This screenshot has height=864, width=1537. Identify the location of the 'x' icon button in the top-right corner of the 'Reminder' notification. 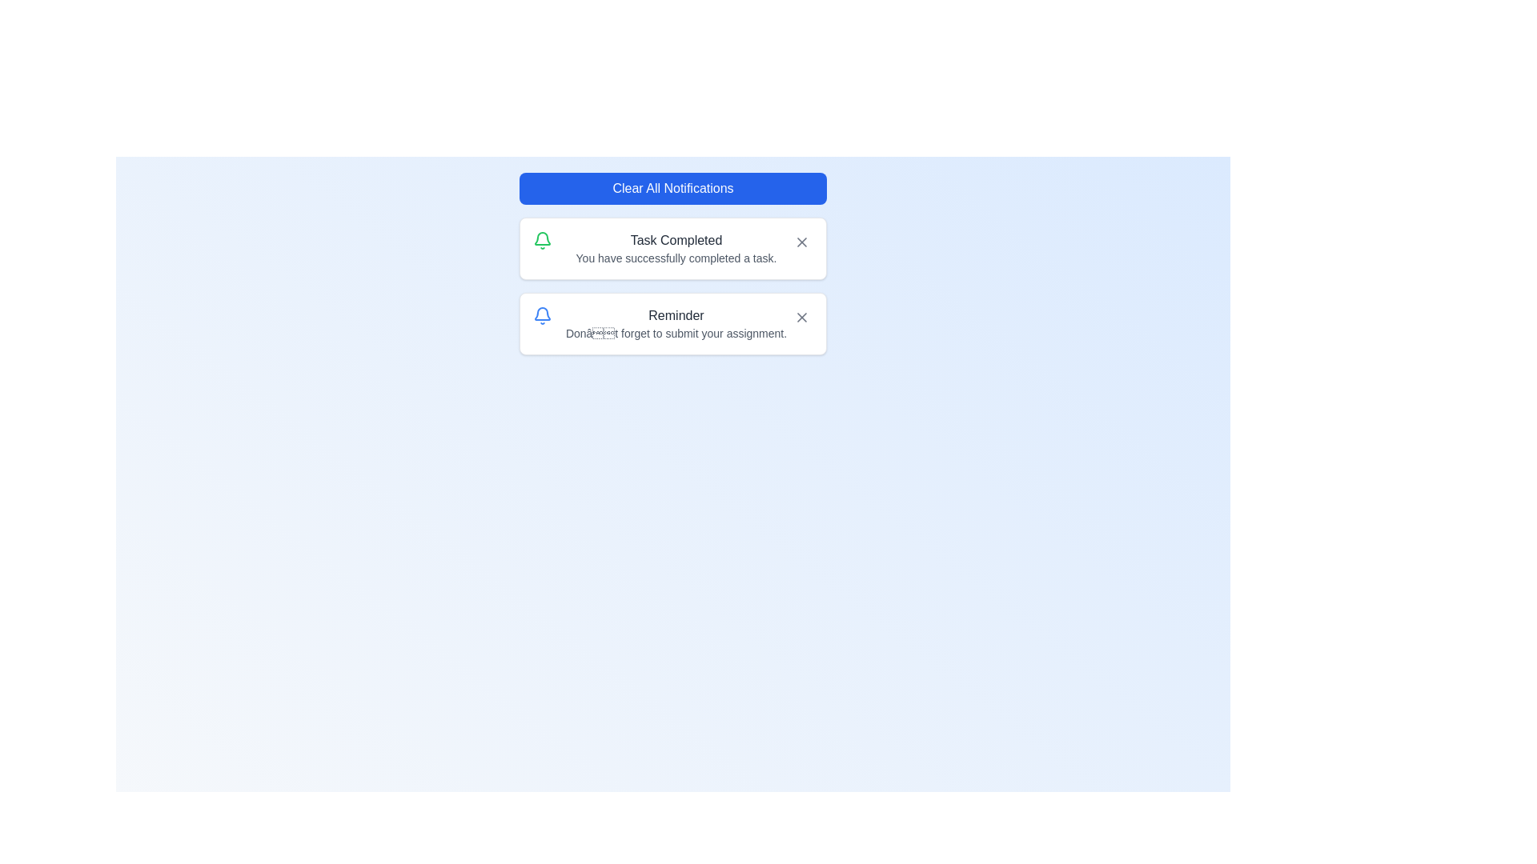
(802, 318).